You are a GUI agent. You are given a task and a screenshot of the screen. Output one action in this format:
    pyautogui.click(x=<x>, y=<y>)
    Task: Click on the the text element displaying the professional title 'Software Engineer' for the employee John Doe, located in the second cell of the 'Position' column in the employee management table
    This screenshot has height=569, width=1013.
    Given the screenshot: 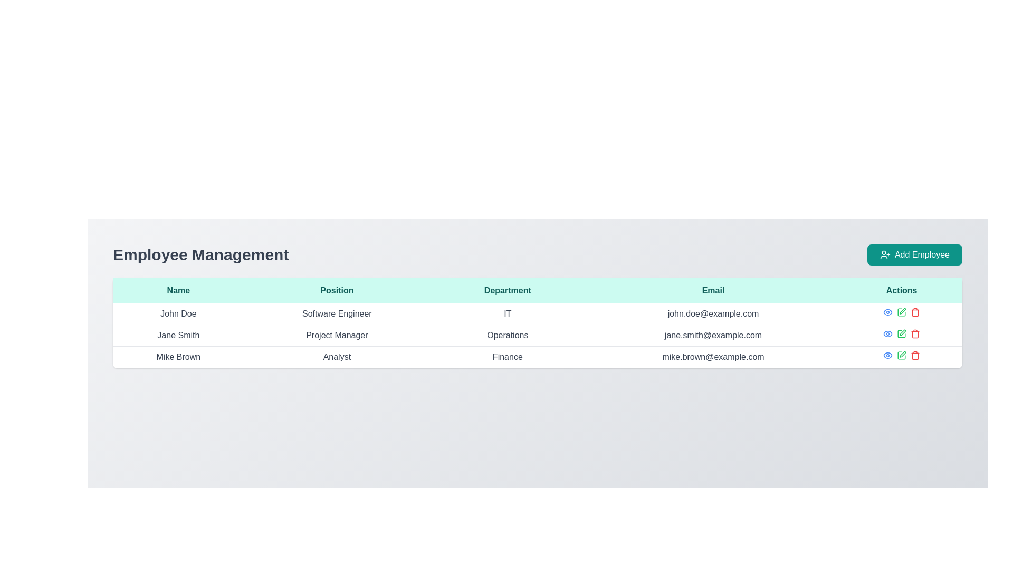 What is the action you would take?
    pyautogui.click(x=336, y=313)
    